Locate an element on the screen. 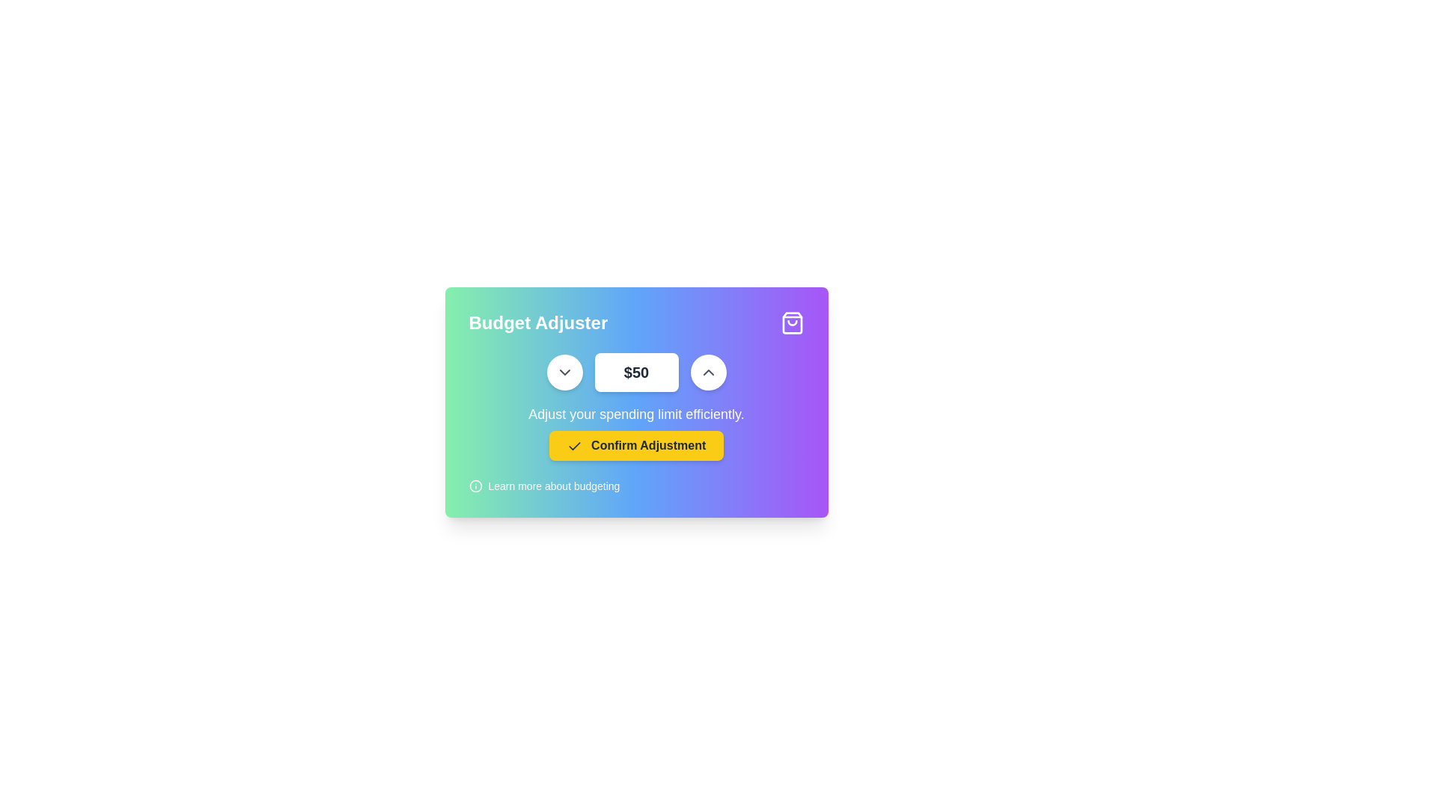 This screenshot has width=1437, height=808. the rectangular text display field showing the amount '$50' for potential interaction is located at coordinates (636, 371).